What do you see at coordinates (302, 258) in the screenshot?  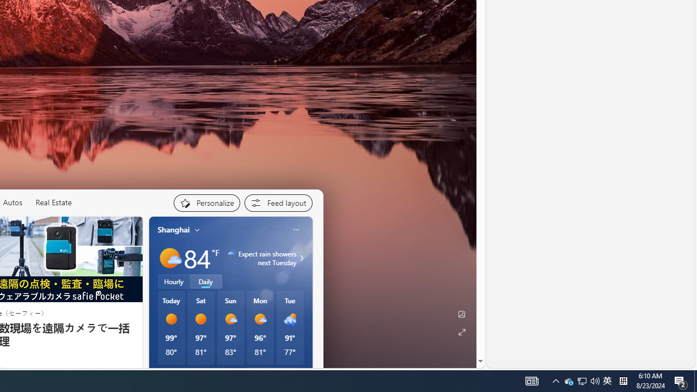 I see `'Class: weather-arrow-glyph'` at bounding box center [302, 258].